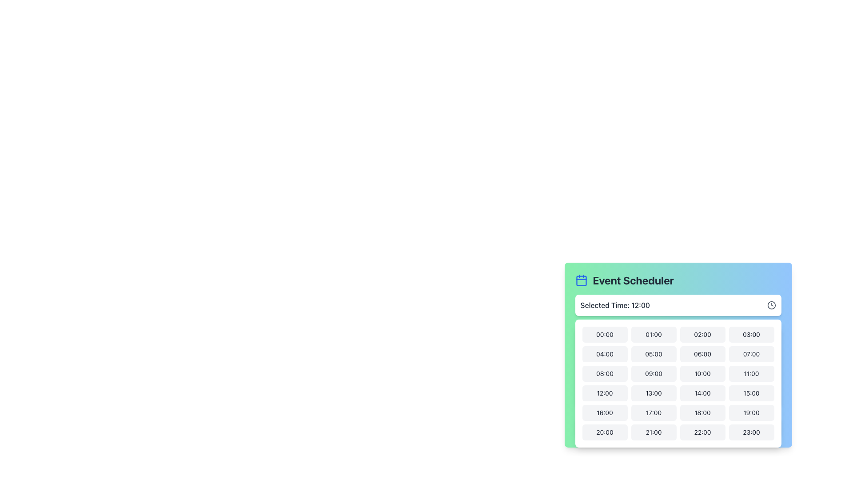 The width and height of the screenshot is (853, 480). I want to click on the time selection button displaying '15:00' in the Event Scheduler dropdown, so click(751, 392).